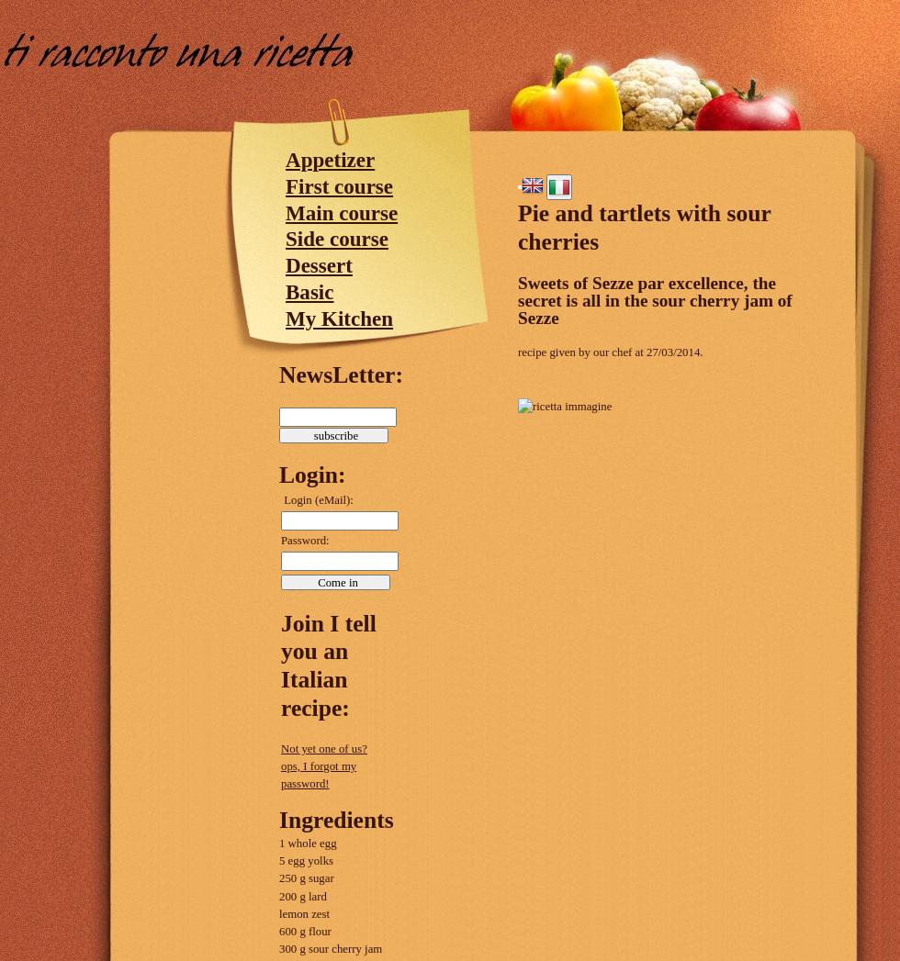 This screenshot has width=900, height=961. Describe the element at coordinates (311, 474) in the screenshot. I see `'Login:'` at that location.